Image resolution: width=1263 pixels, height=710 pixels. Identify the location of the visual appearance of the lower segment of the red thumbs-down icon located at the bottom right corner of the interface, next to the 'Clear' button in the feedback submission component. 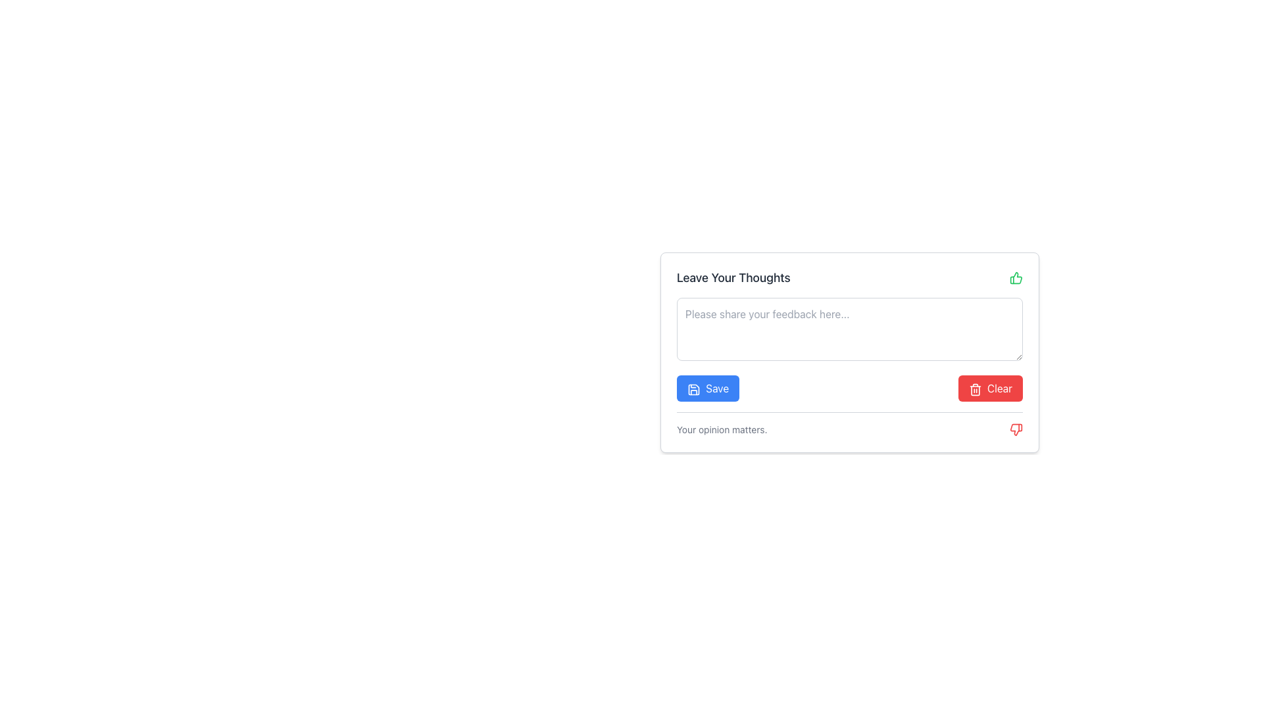
(1016, 430).